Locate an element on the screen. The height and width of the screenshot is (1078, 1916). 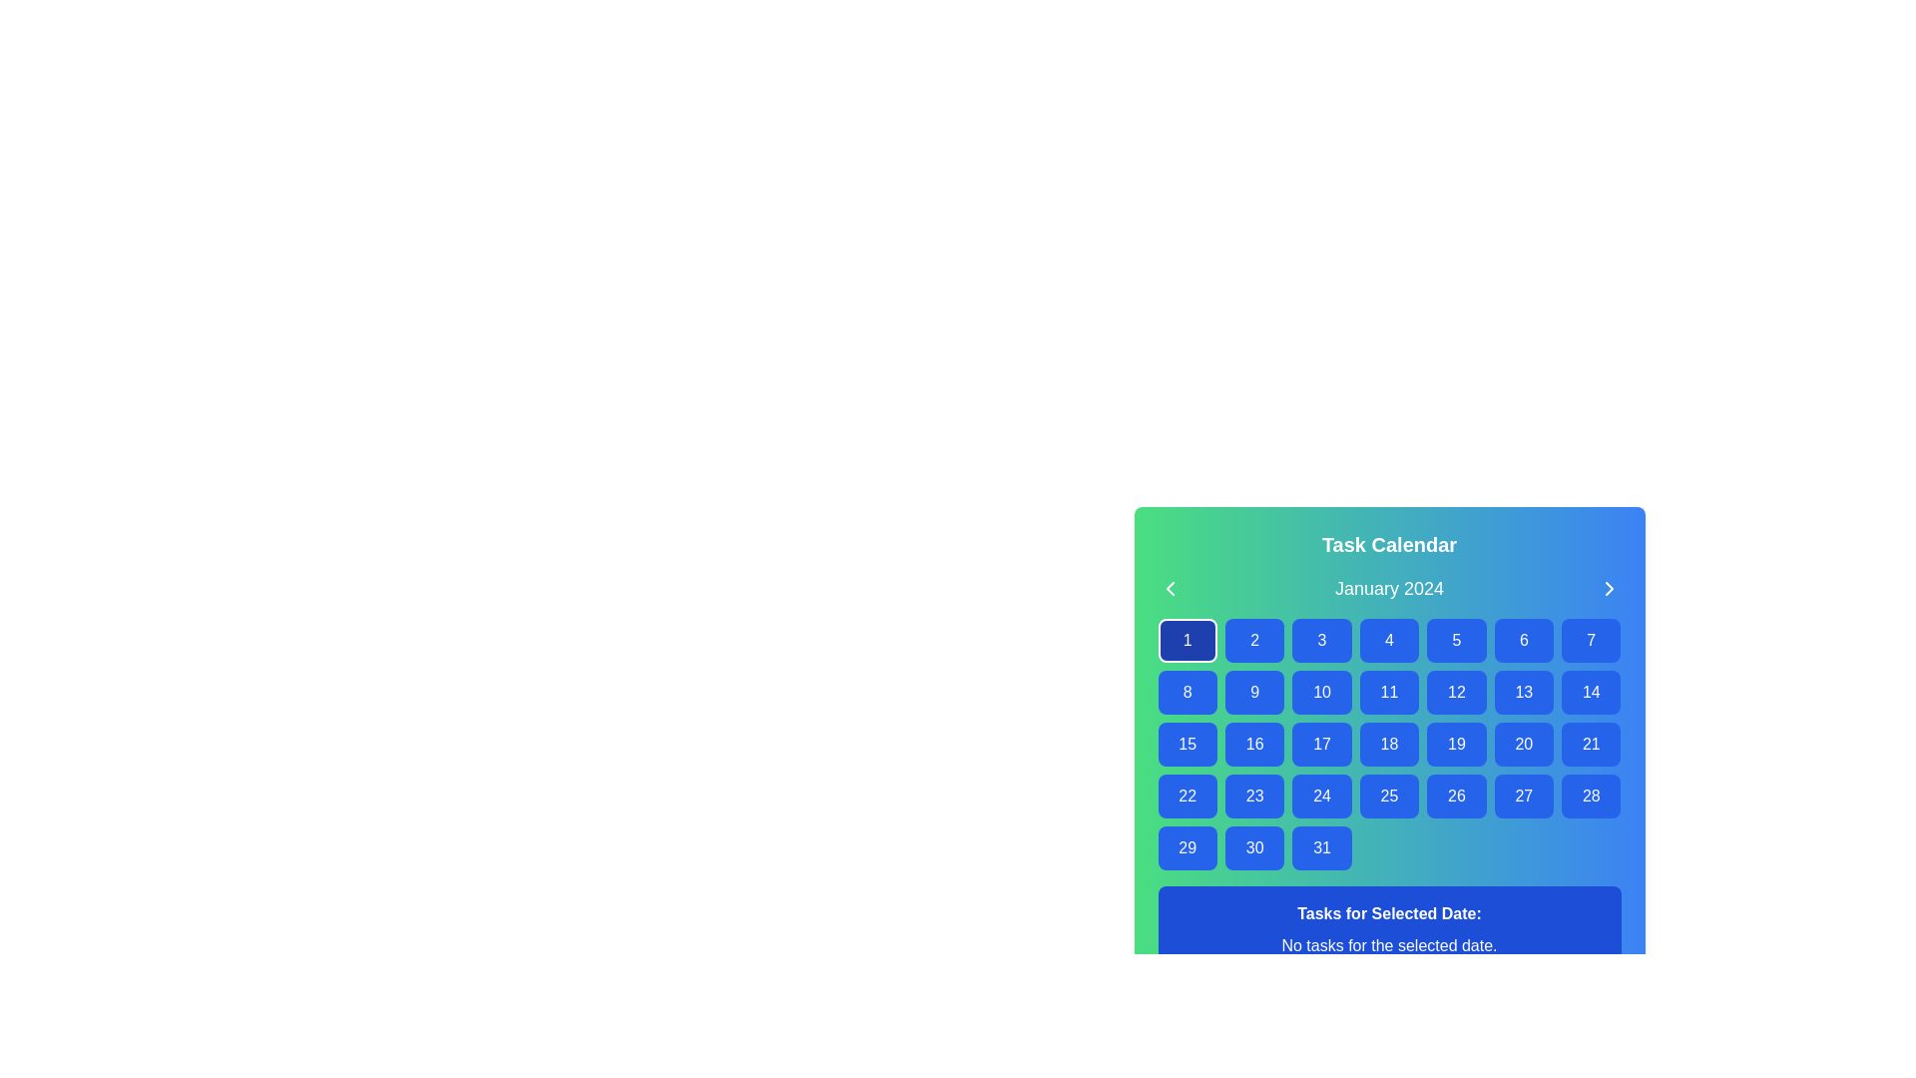
the blue button with a white '7' centered, which is the seventh button is located at coordinates (1589, 640).